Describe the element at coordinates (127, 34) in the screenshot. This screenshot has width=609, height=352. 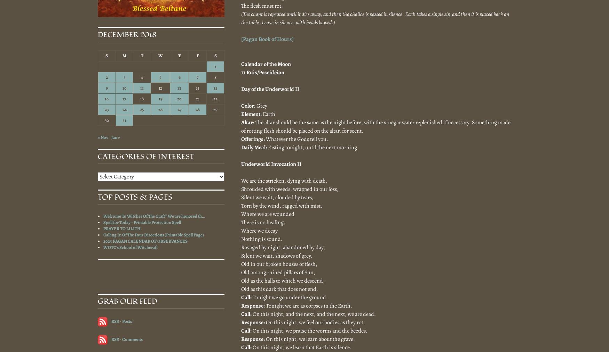
I see `'December 2018'` at that location.